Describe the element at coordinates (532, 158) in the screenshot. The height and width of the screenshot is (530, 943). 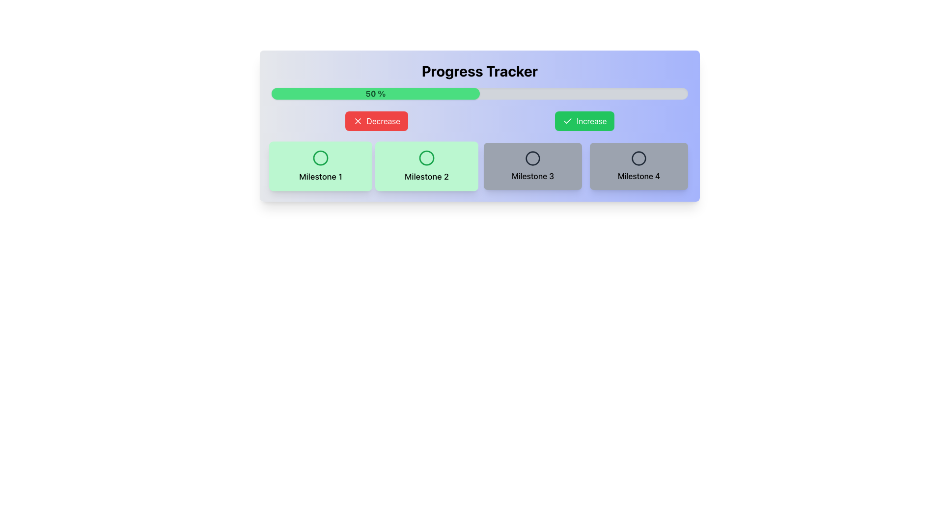
I see `the circular visual indicator in the 'Milestone 3' button, which is the center circle styled with a thin stroke and light gray color, located beneath the progress bar` at that location.